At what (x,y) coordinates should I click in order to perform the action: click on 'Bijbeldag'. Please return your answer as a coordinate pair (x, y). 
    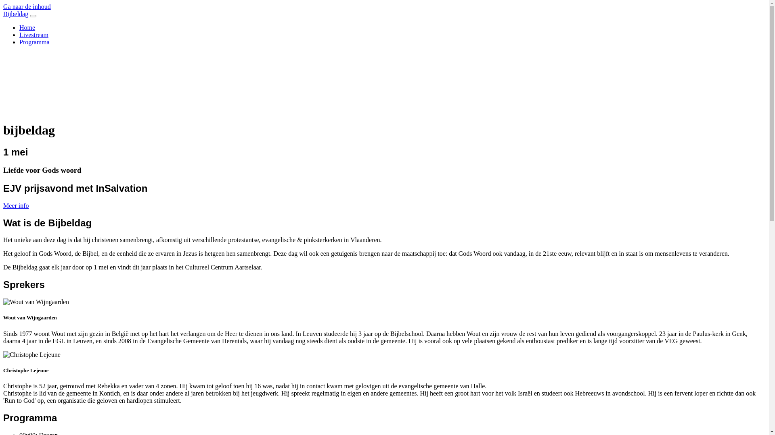
    Looking at the image, I should click on (15, 14).